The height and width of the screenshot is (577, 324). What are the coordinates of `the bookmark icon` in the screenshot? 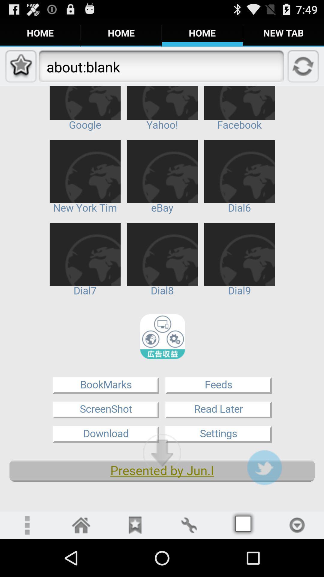 It's located at (135, 562).